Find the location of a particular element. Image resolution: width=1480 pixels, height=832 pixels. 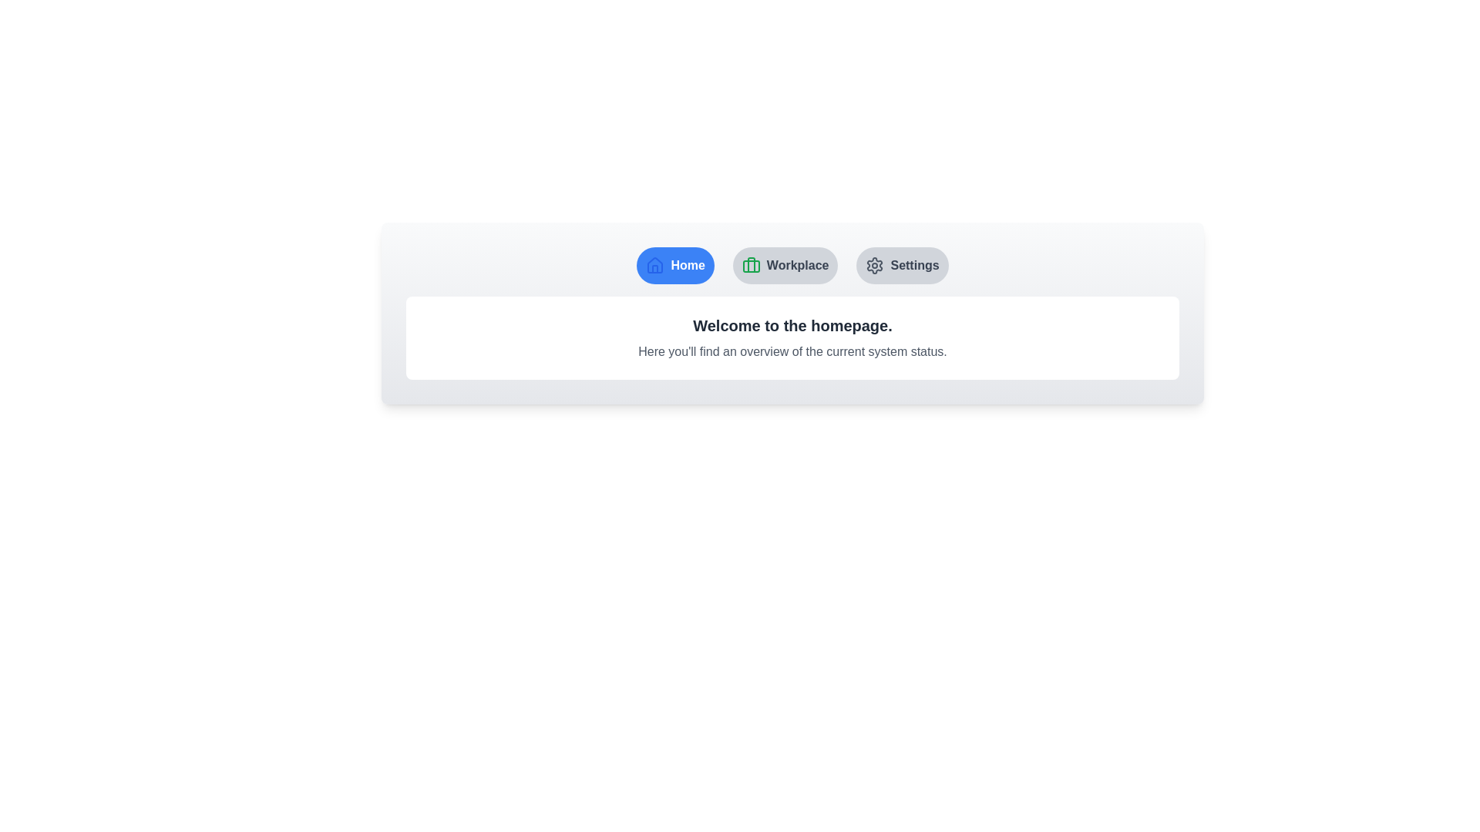

the Home tab is located at coordinates (675, 264).